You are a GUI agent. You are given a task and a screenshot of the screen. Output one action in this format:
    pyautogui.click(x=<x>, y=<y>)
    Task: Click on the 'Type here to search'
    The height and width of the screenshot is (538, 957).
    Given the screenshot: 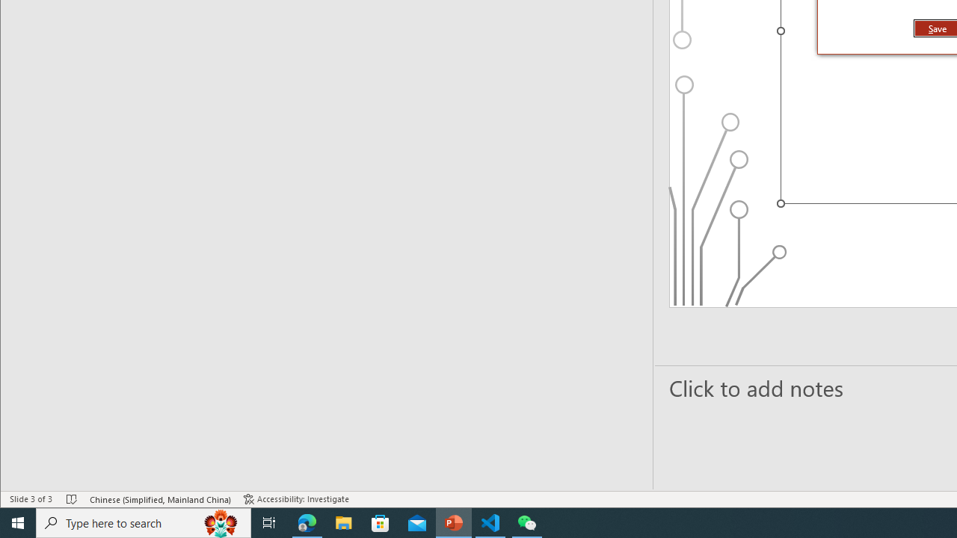 What is the action you would take?
    pyautogui.click(x=144, y=522)
    